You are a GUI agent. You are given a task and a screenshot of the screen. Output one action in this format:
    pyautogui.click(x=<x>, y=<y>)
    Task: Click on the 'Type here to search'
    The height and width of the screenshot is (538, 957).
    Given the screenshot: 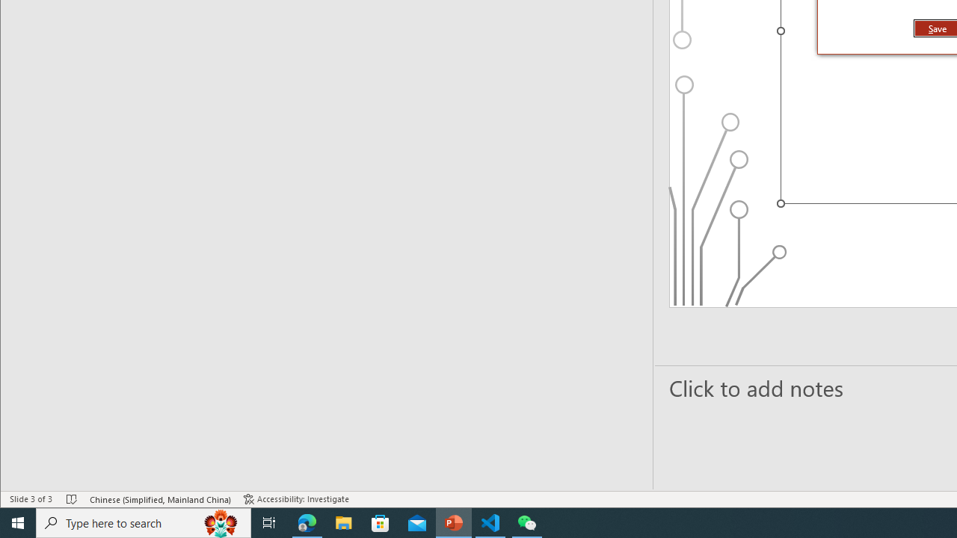 What is the action you would take?
    pyautogui.click(x=144, y=522)
    